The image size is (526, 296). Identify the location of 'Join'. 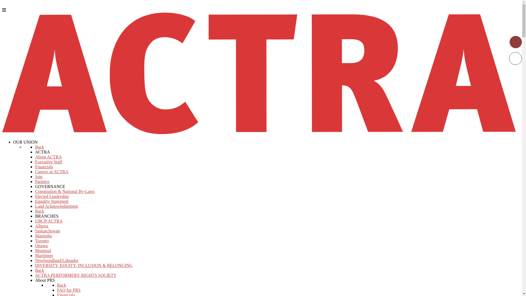
(38, 177).